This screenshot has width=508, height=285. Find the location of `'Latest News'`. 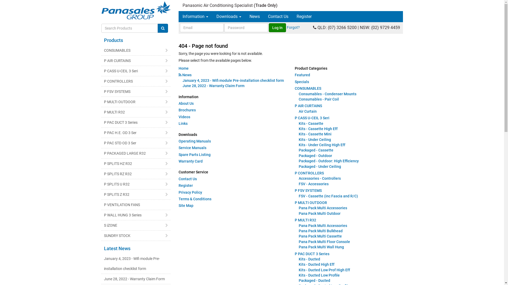

'Latest News' is located at coordinates (116, 248).